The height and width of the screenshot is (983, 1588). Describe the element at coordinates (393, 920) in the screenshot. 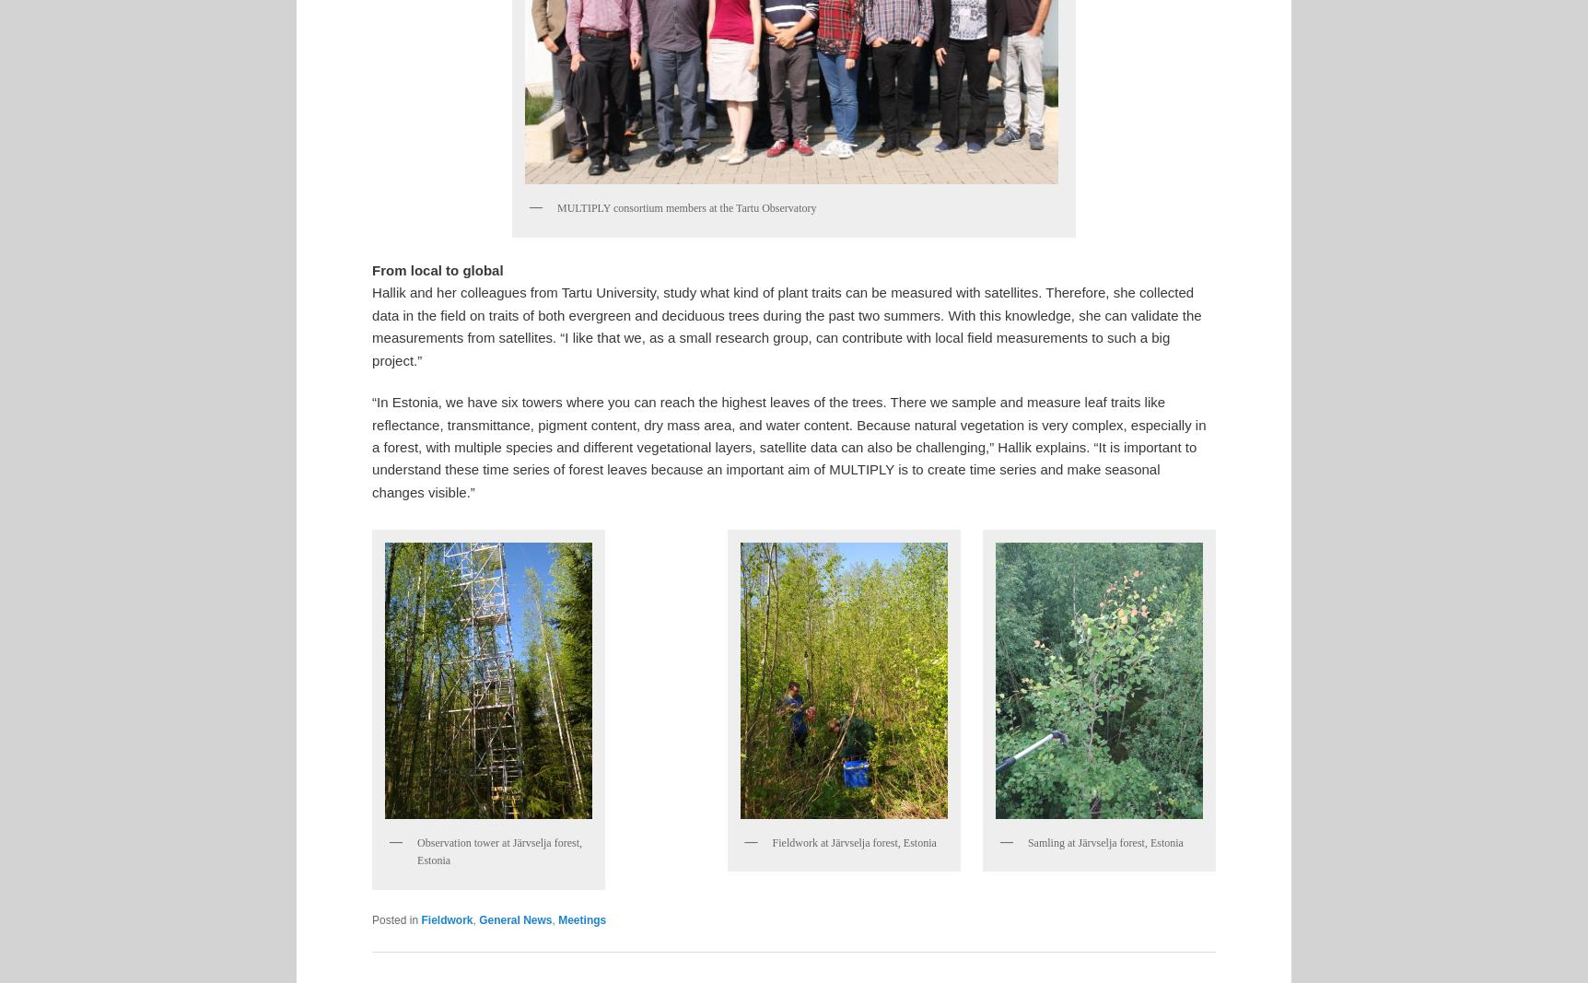

I see `'Posted in'` at that location.